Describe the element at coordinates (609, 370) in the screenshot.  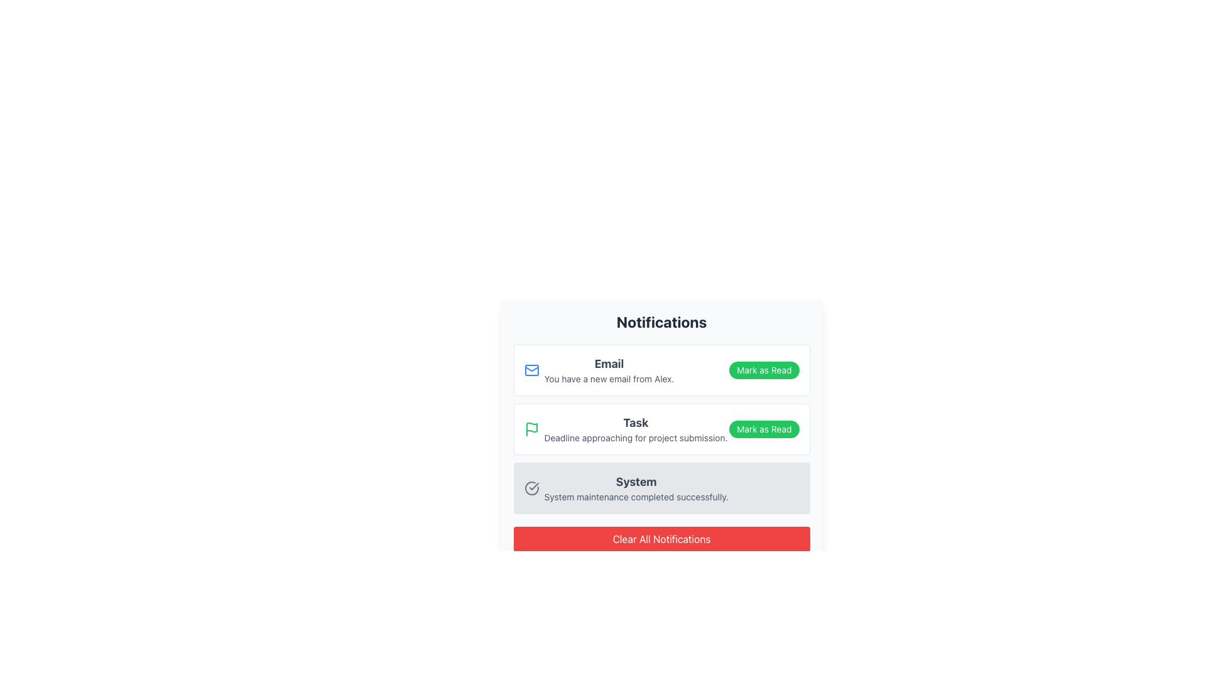
I see `text block for the email notification titled 'Email' that contains the message 'You have a new email from Alex.'` at that location.